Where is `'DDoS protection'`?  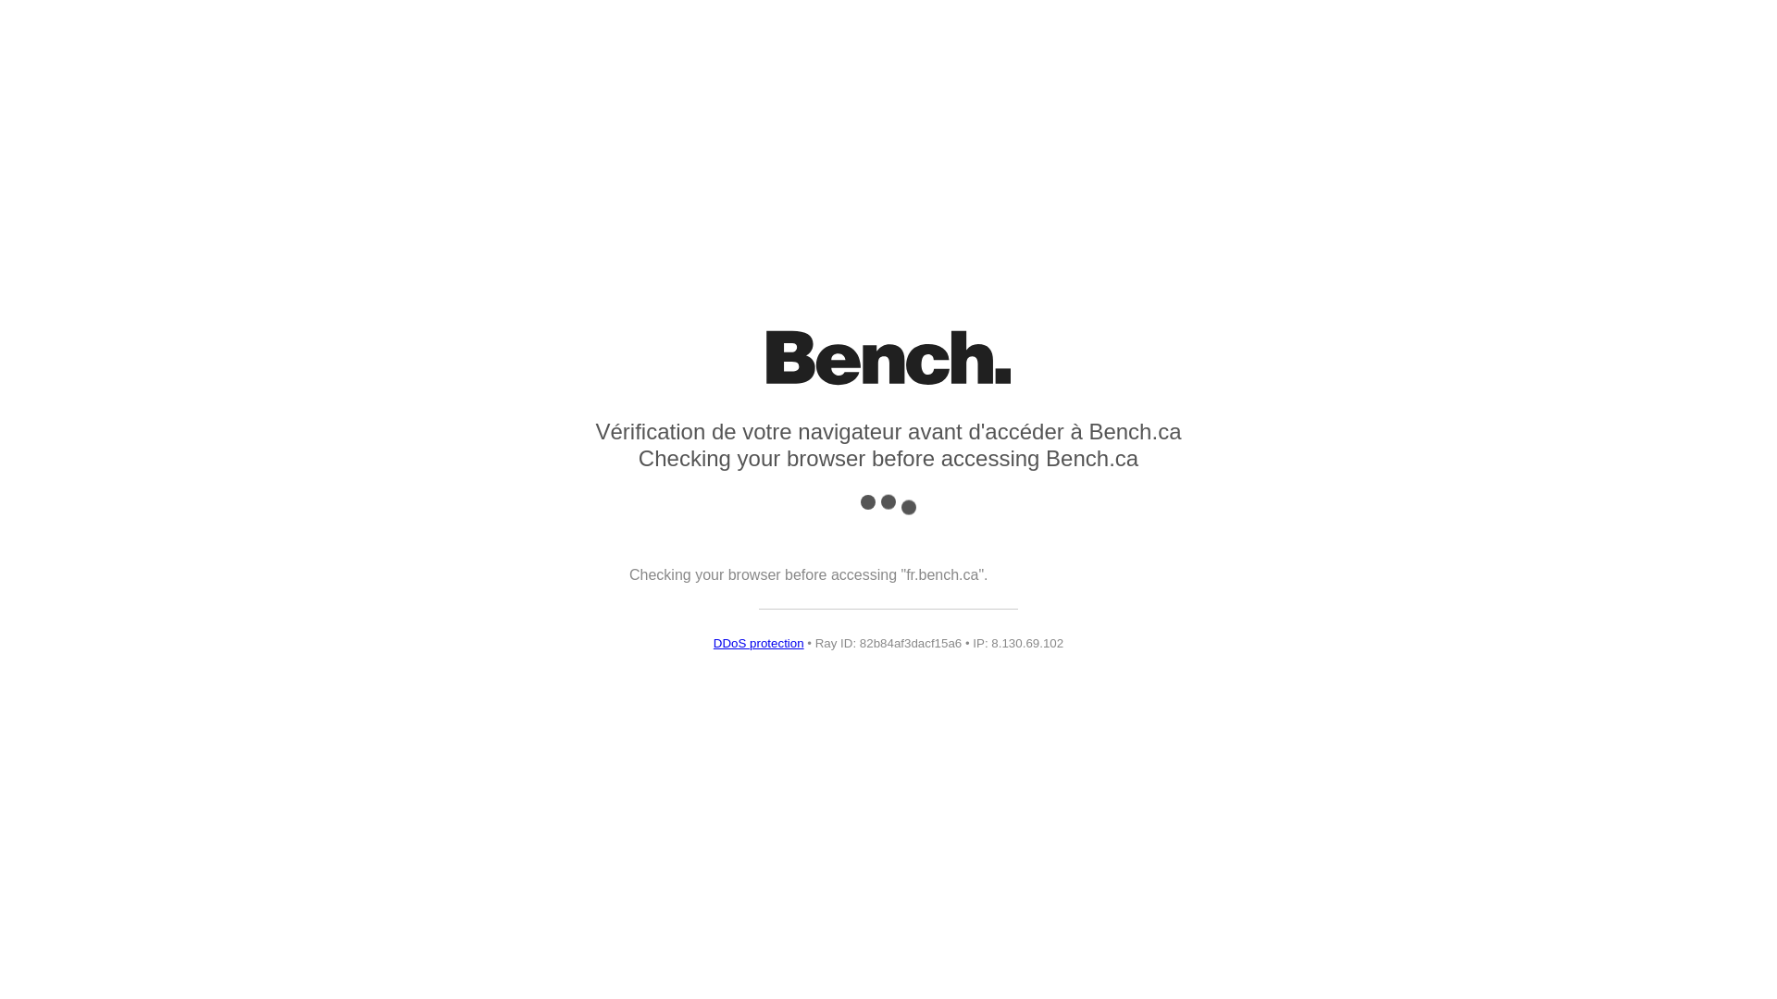
'DDoS protection' is located at coordinates (713, 642).